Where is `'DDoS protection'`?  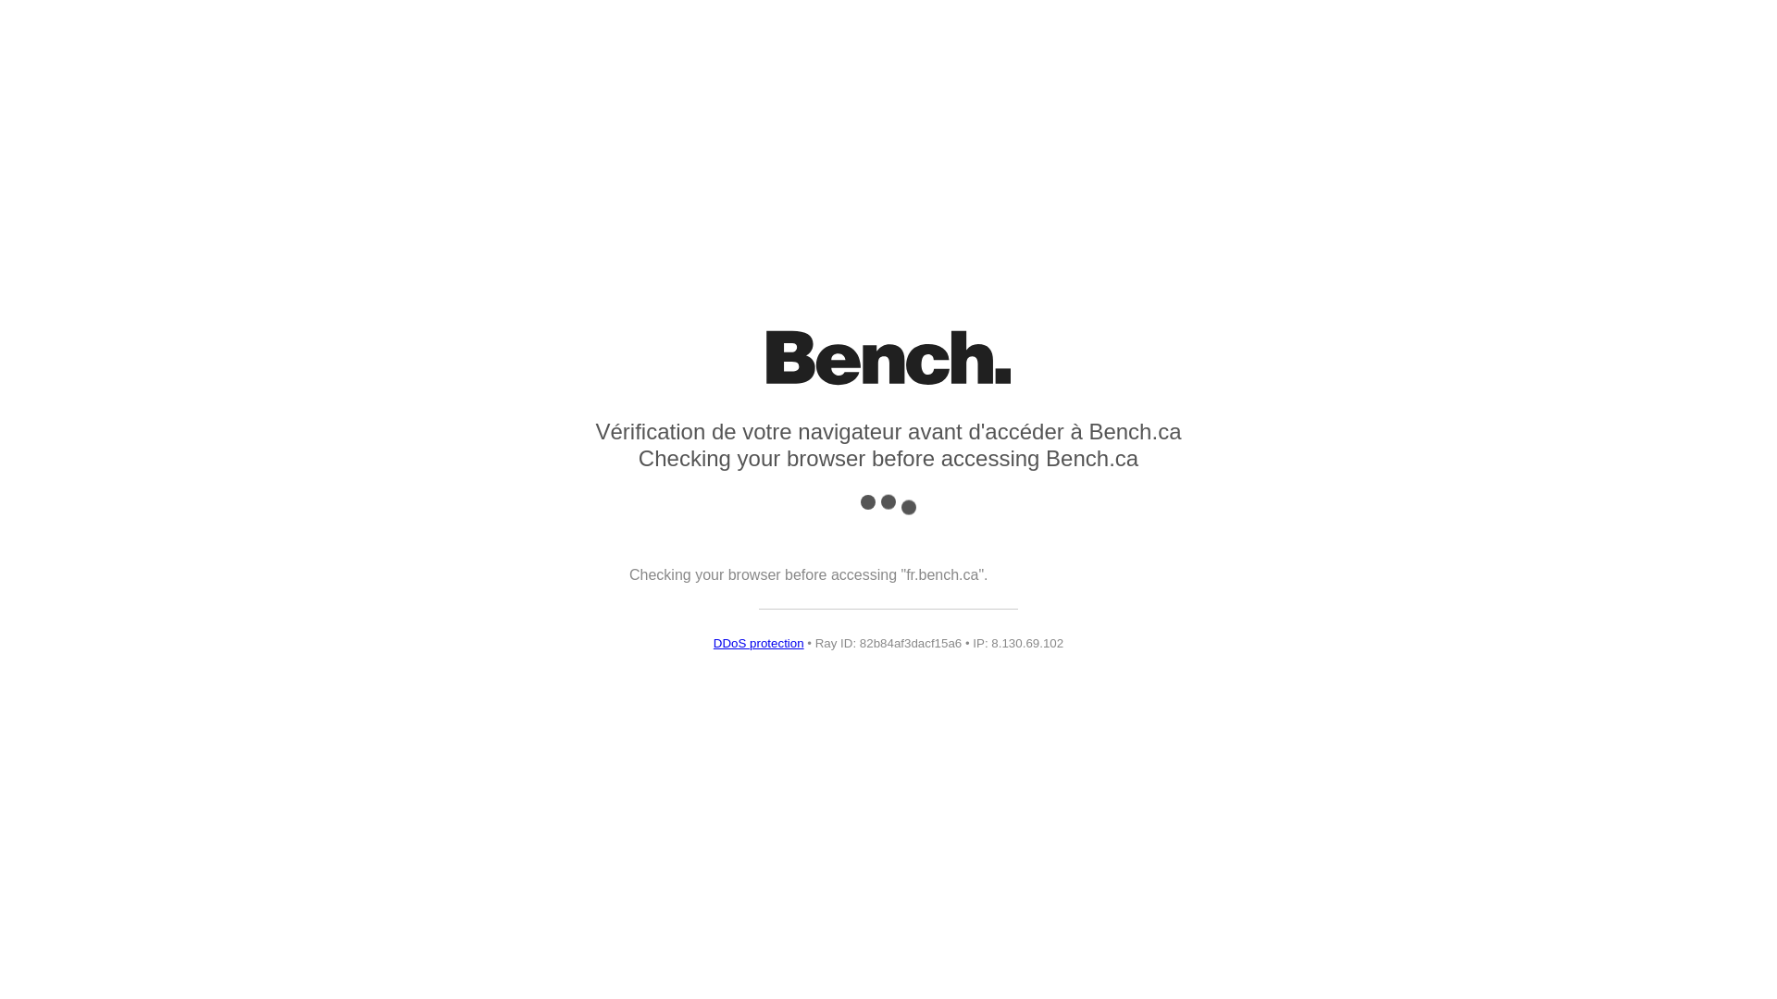
'DDoS protection' is located at coordinates (713, 642).